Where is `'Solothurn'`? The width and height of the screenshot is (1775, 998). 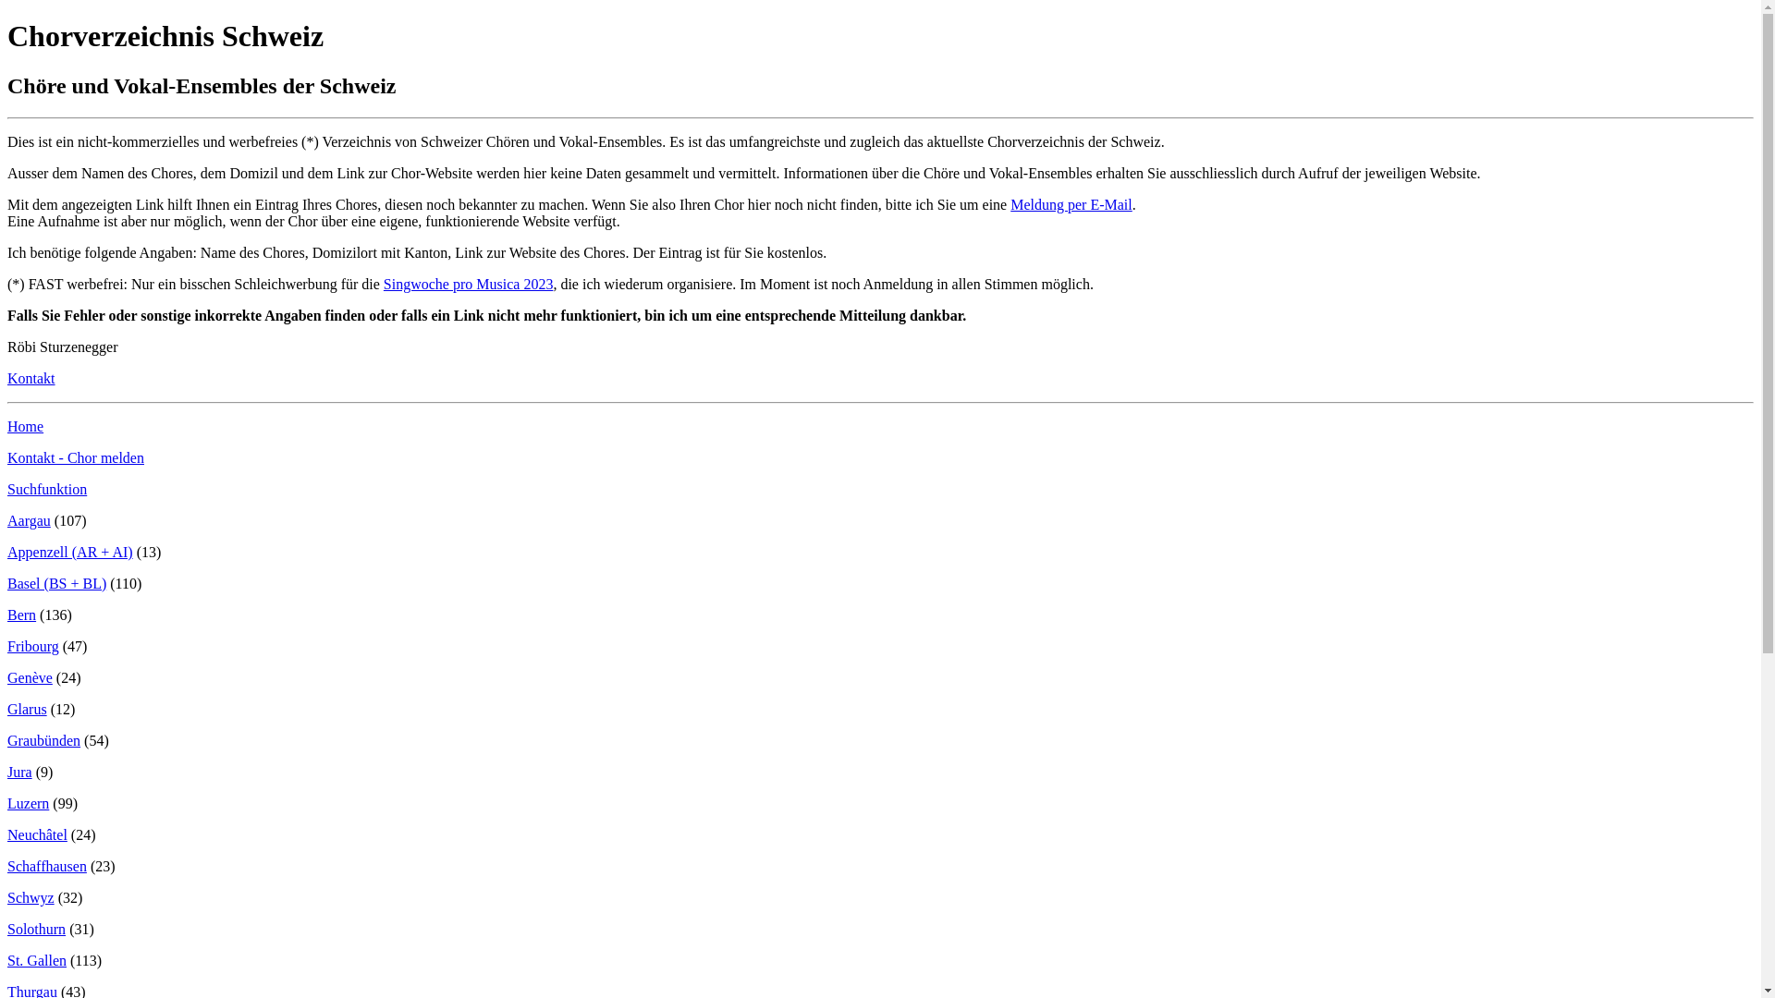 'Solothurn' is located at coordinates (36, 929).